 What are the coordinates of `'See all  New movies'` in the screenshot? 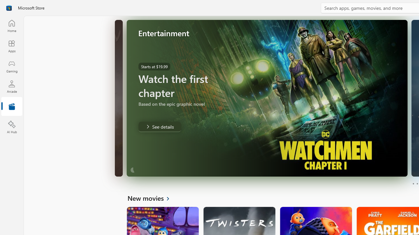 It's located at (152, 197).